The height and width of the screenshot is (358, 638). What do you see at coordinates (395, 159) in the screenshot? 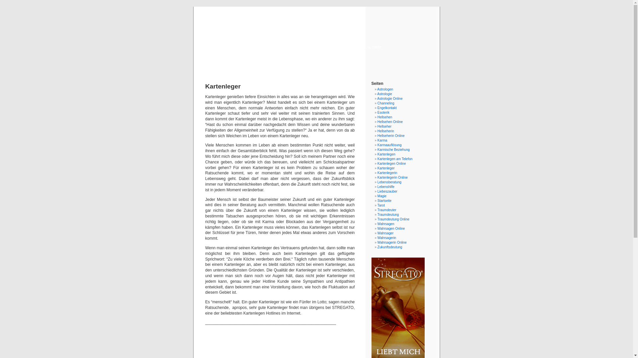
I see `'Kartenlegen am Telefon'` at bounding box center [395, 159].